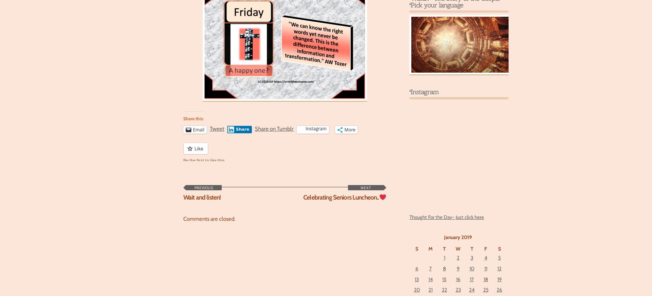 The width and height of the screenshot is (652, 296). Describe the element at coordinates (471, 257) in the screenshot. I see `'3'` at that location.